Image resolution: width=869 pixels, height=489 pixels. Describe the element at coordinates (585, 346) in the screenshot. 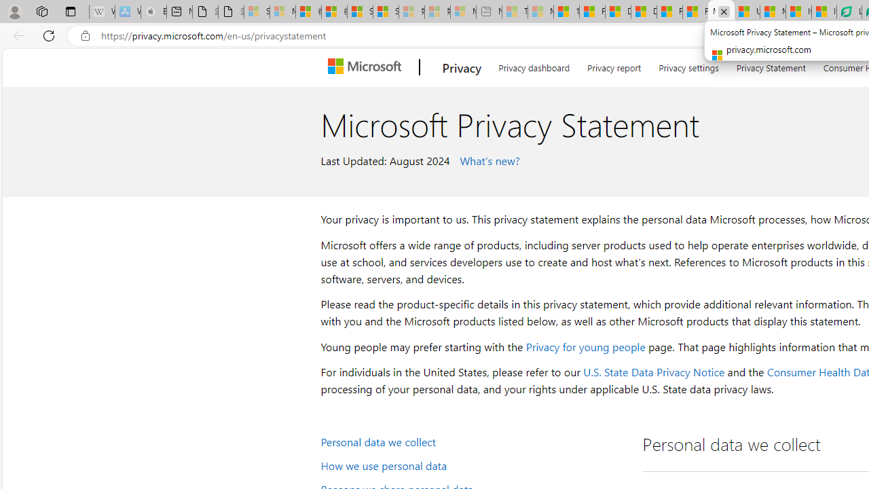

I see `'Privacy for young people'` at that location.